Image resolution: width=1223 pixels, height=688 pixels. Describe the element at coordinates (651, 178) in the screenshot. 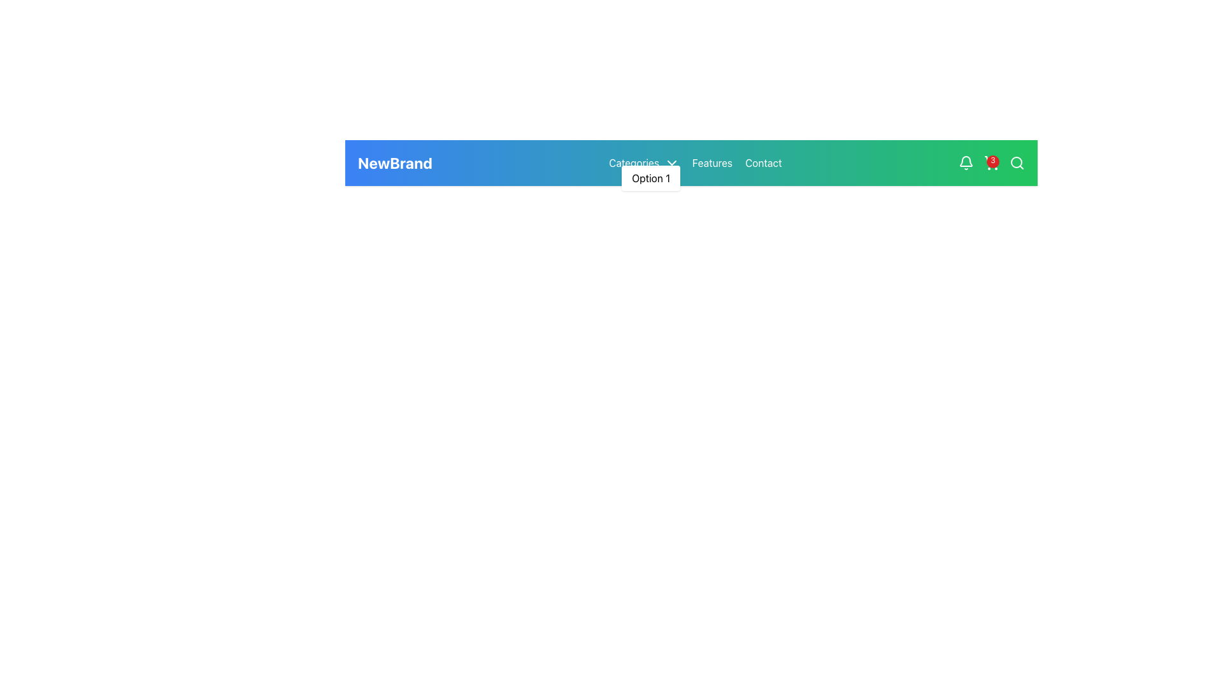

I see `the 'Option 1' link` at that location.